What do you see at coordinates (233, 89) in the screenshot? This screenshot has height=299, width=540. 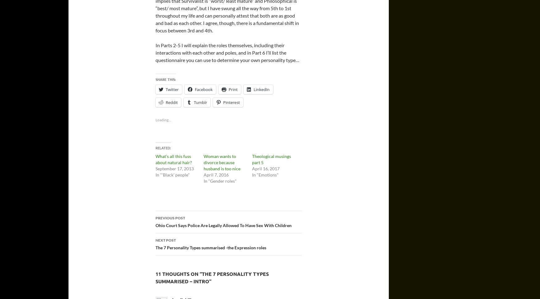 I see `'Print'` at bounding box center [233, 89].